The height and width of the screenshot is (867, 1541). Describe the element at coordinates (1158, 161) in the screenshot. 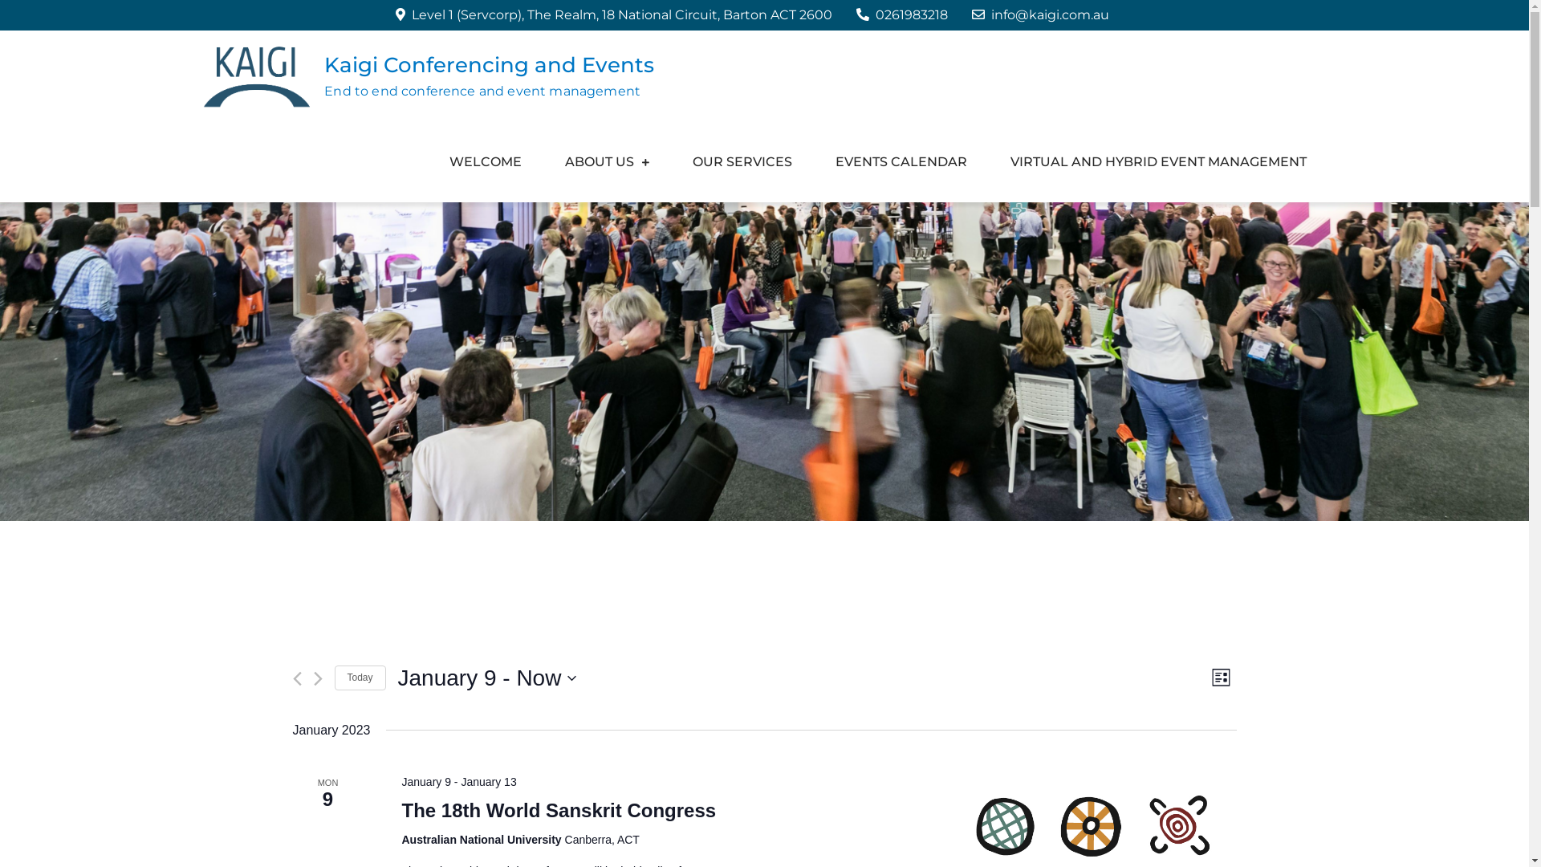

I see `'VIRTUAL AND HYBRID EVENT MANAGEMENT'` at that location.